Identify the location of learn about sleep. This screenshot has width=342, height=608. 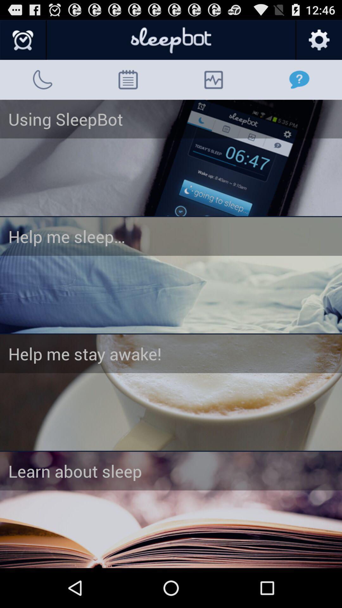
(171, 510).